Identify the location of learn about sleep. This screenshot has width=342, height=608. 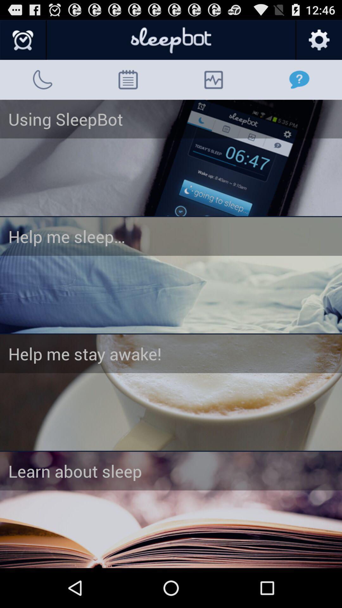
(171, 510).